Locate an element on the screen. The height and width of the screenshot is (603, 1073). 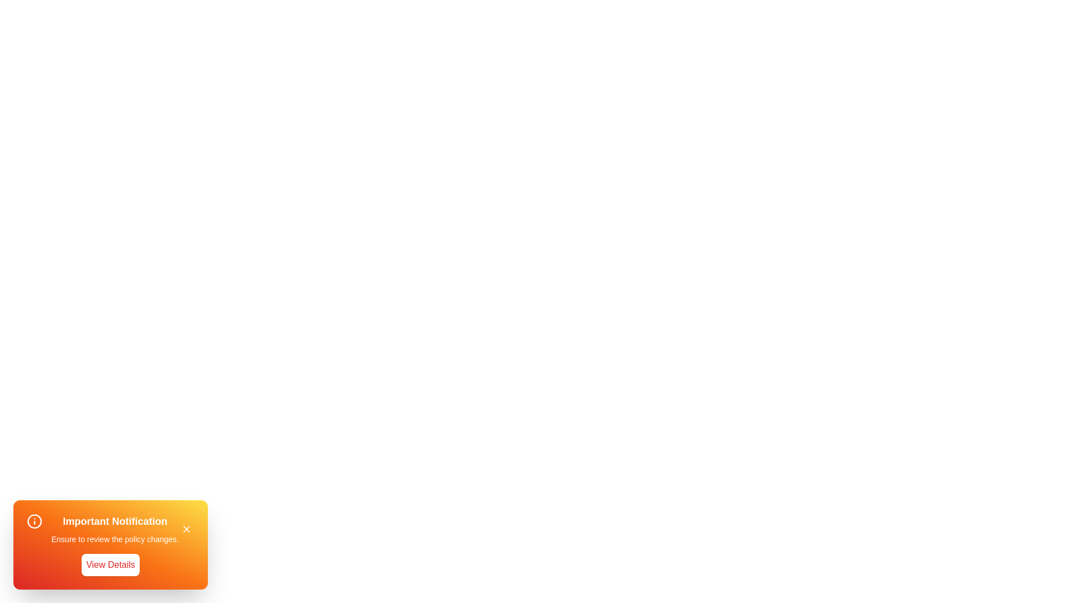
the 'View Details' button to view more details is located at coordinates (110, 564).